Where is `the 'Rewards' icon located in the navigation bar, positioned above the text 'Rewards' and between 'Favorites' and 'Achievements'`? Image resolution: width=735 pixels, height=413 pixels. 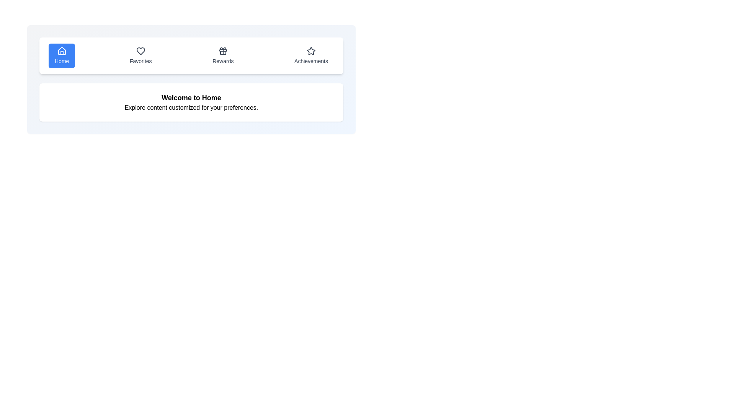
the 'Rewards' icon located in the navigation bar, positioned above the text 'Rewards' and between 'Favorites' and 'Achievements' is located at coordinates (222, 51).